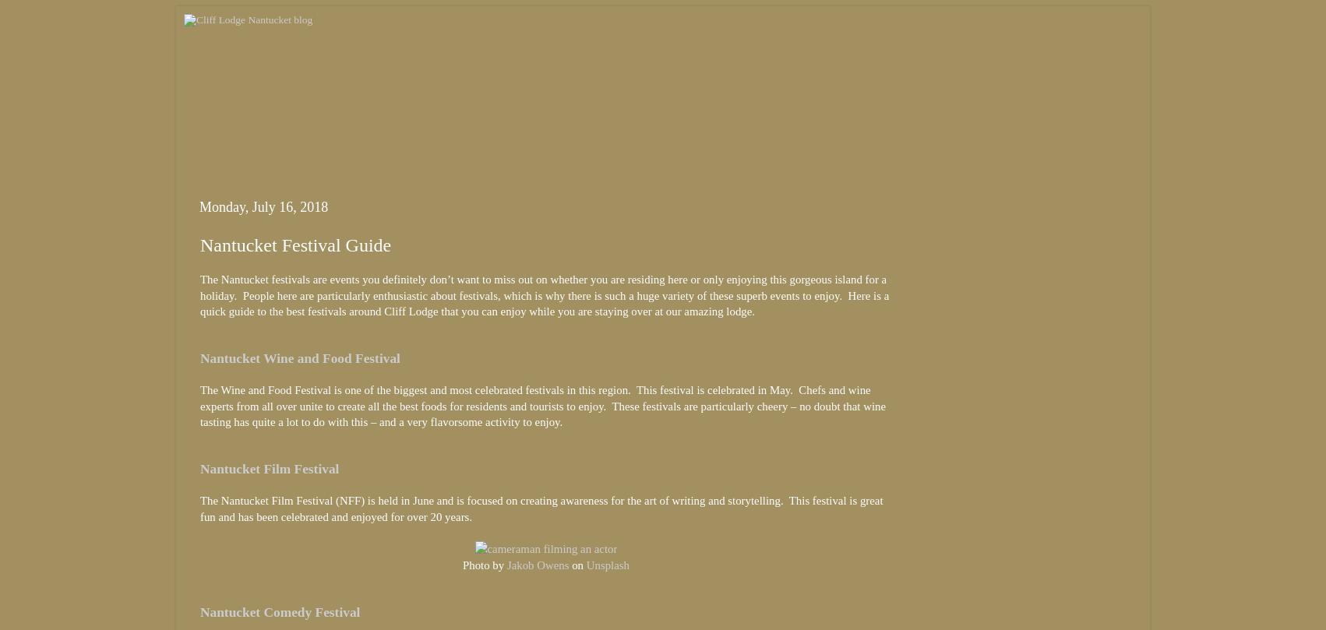  What do you see at coordinates (199, 357) in the screenshot?
I see `'Nantucket Wine and Food Festival'` at bounding box center [199, 357].